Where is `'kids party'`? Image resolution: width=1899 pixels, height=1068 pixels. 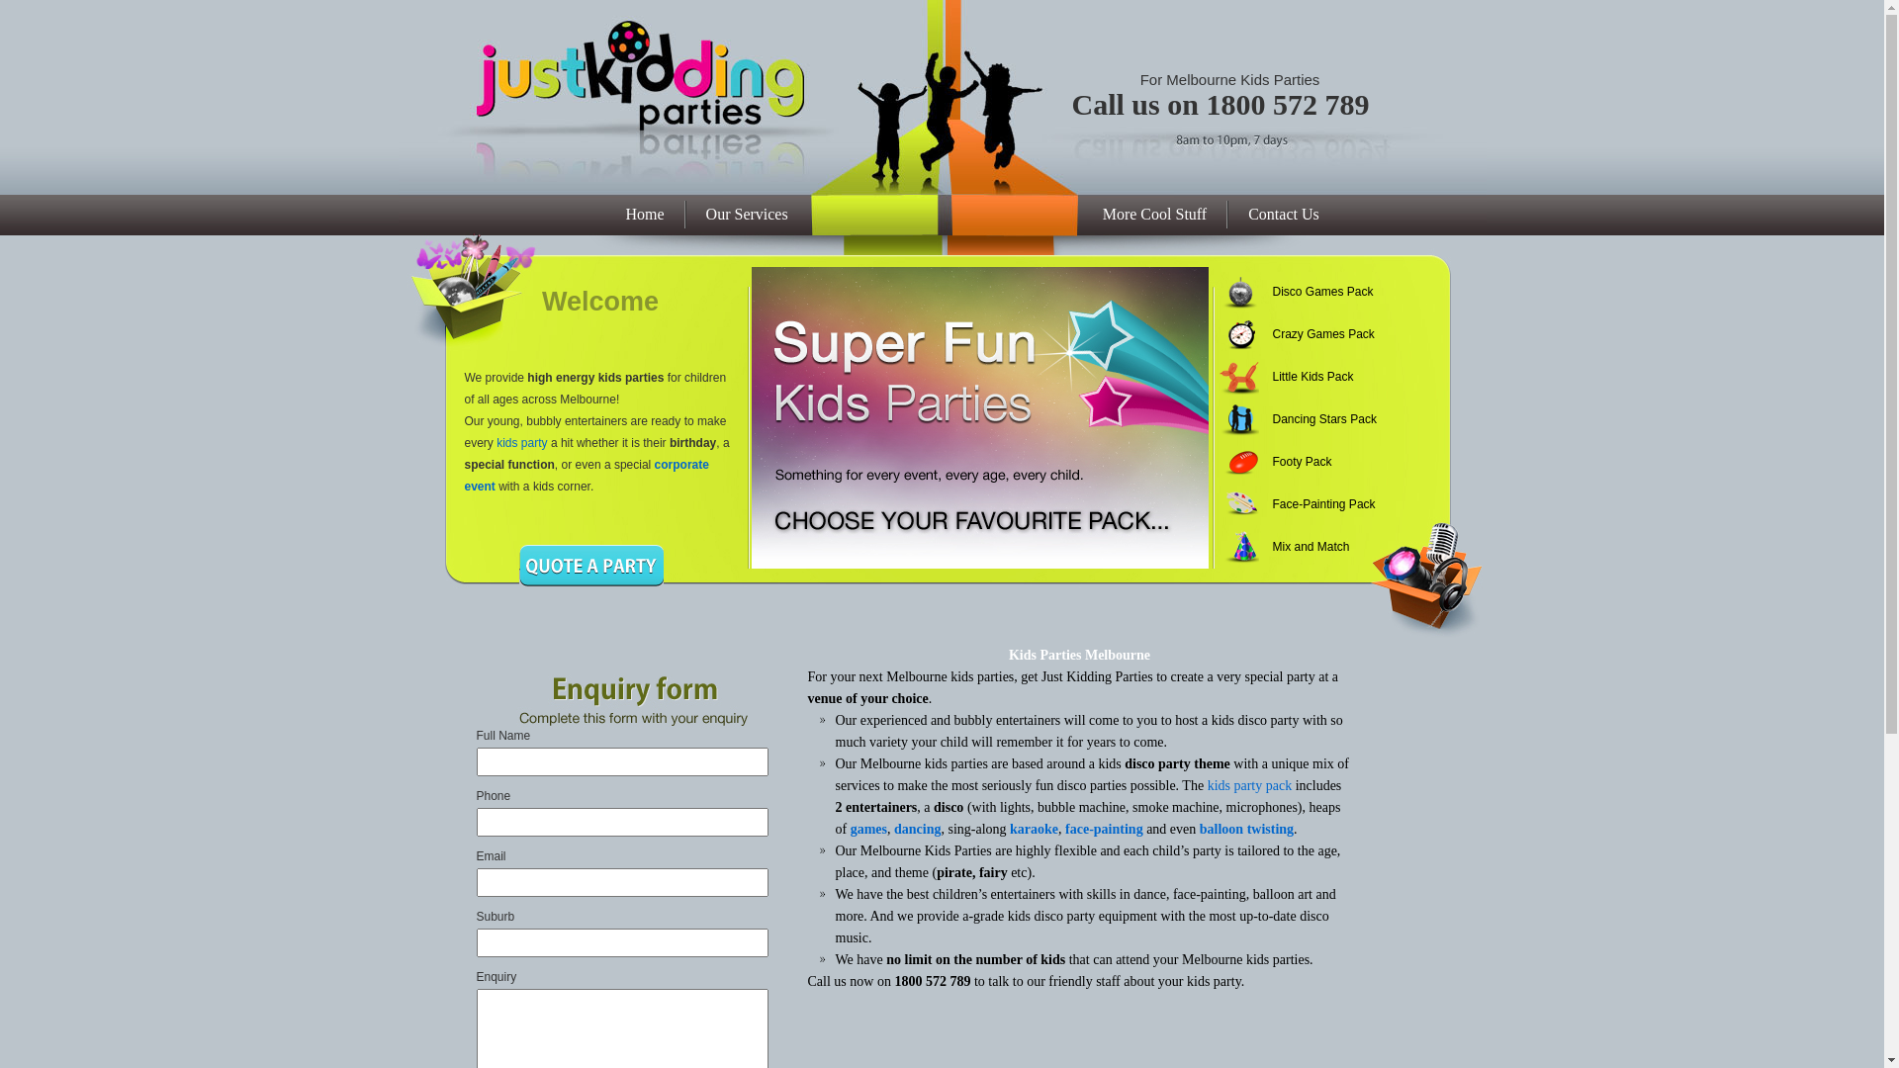 'kids party' is located at coordinates (521, 441).